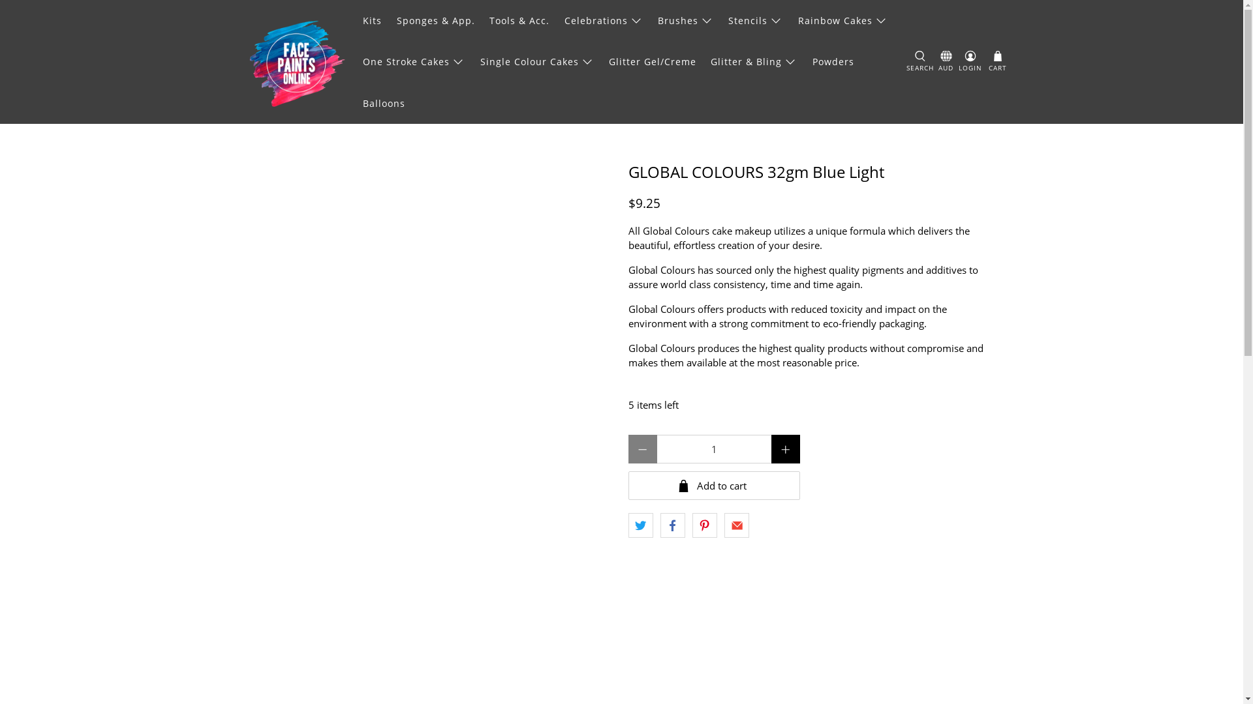  I want to click on 'CART', so click(987, 62).